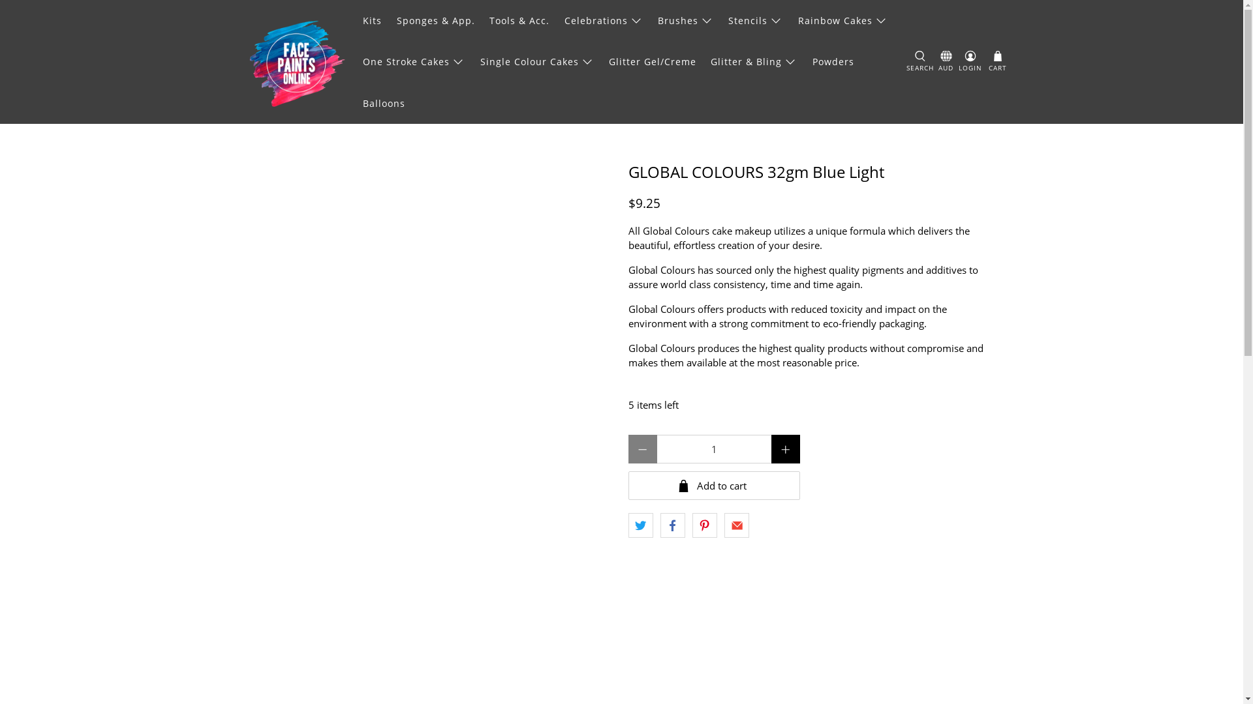  I want to click on 'CART', so click(987, 62).